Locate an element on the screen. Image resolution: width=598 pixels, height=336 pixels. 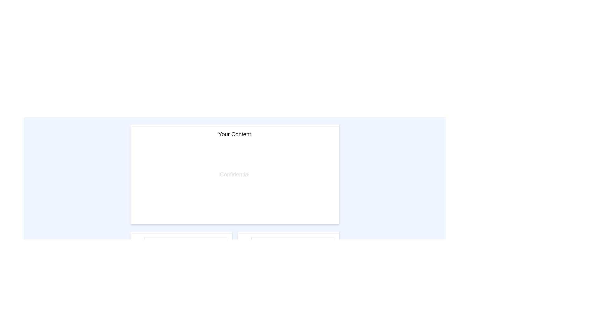
heading text element located at the top-center of the white rectangular card component, which serves as the main title and is positioned above the 'Confidential' watermark, for debug purposes is located at coordinates (234, 134).